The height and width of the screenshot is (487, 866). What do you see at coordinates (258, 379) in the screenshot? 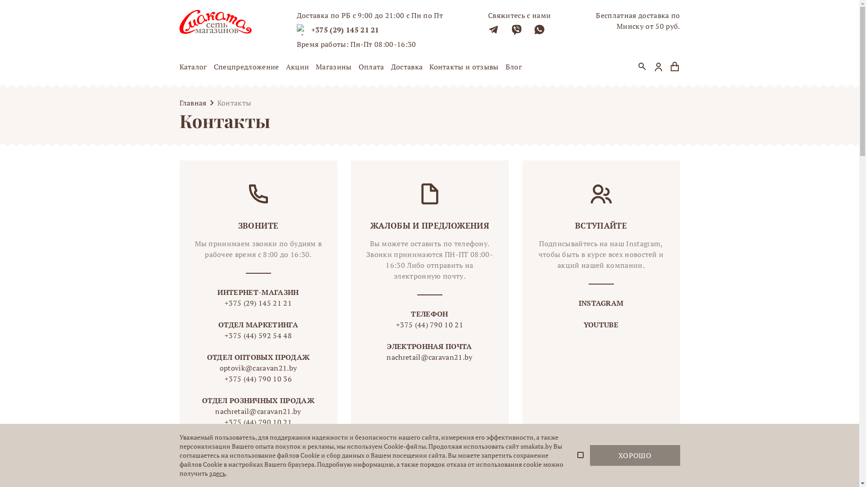
I see `'+375 (44) 790 10 36'` at bounding box center [258, 379].